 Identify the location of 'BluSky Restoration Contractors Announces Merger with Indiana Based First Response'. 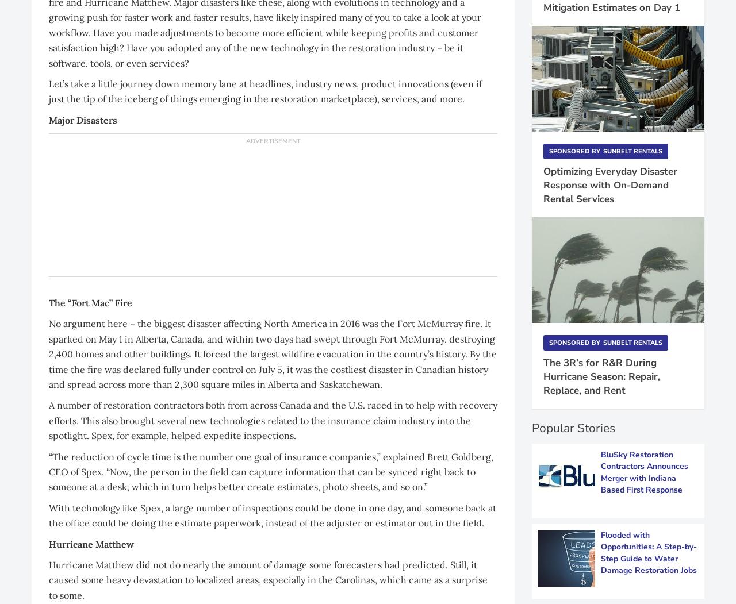
(645, 472).